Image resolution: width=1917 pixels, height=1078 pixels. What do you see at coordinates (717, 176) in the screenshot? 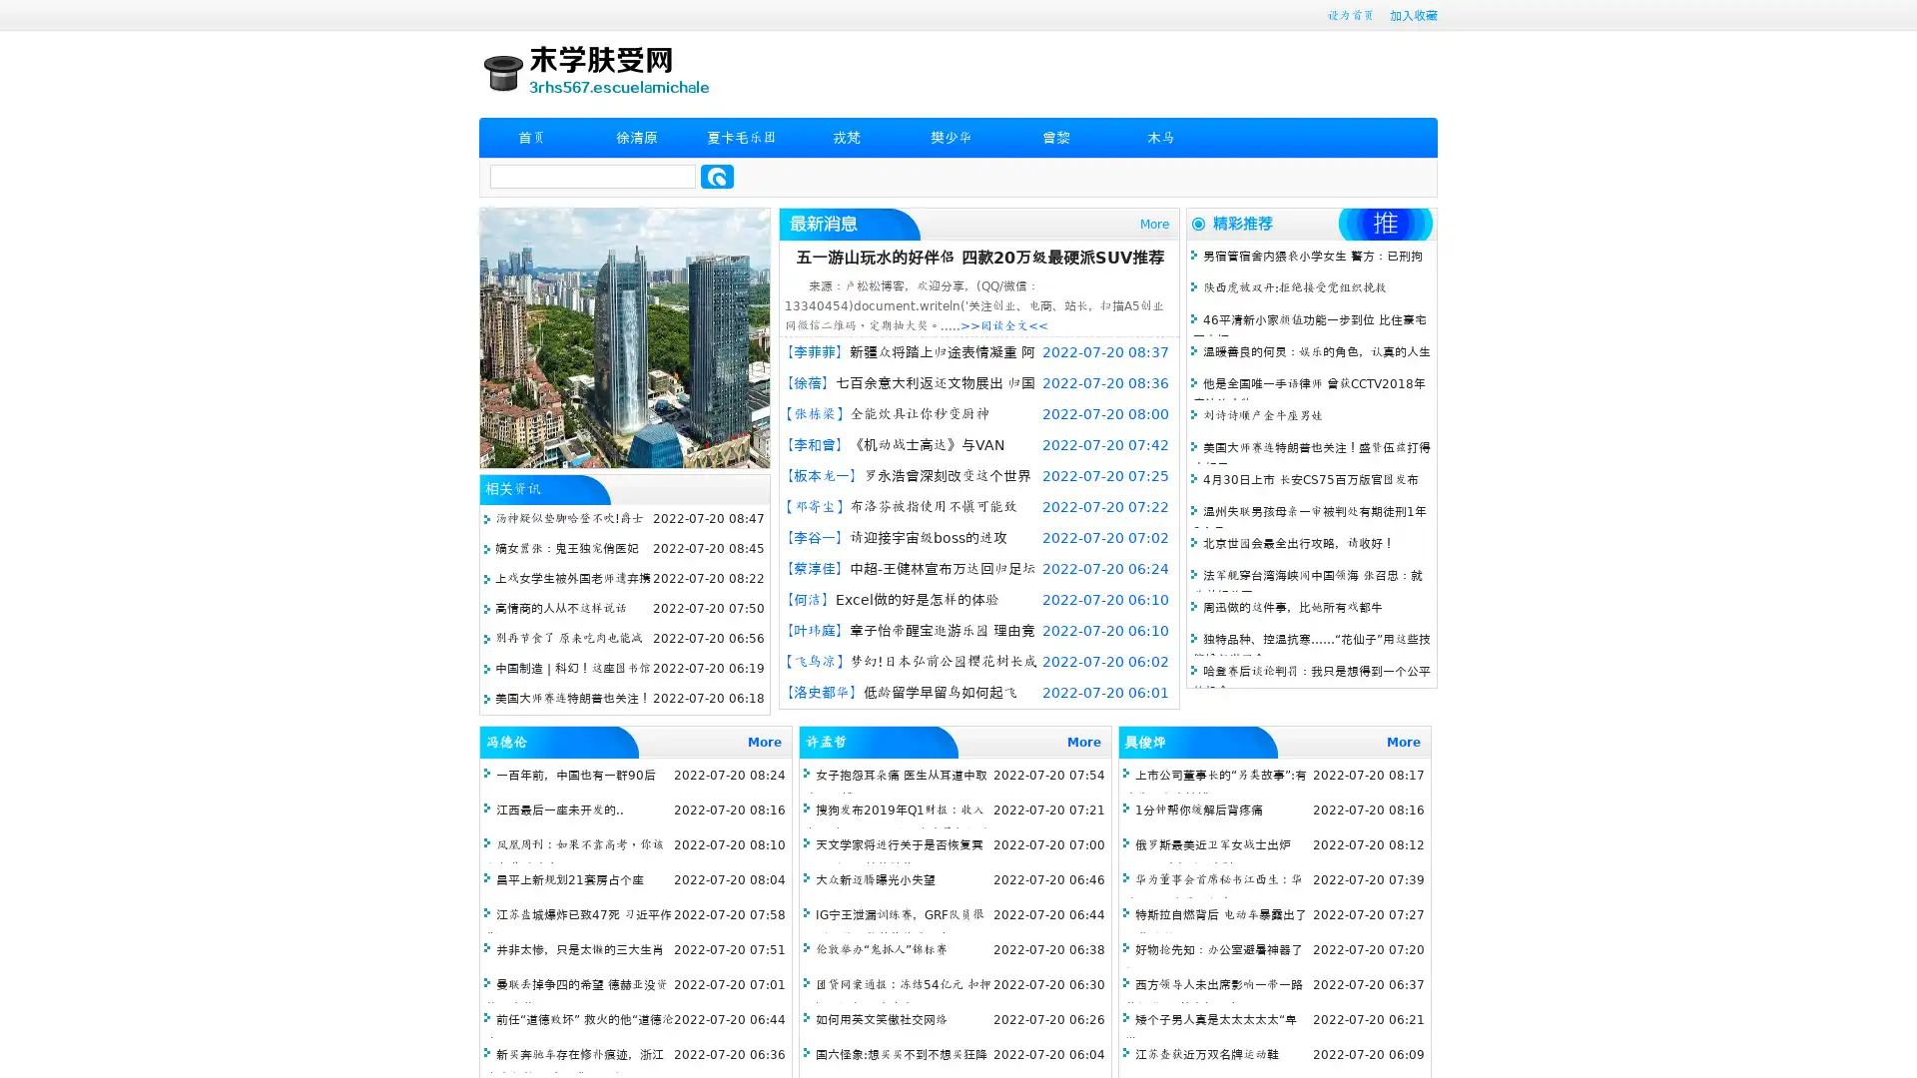
I see `Search` at bounding box center [717, 176].